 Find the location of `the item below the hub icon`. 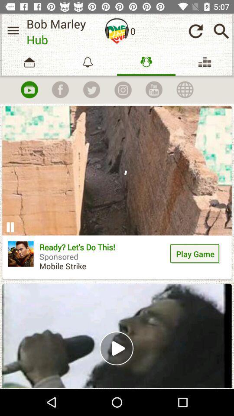

the item below the hub icon is located at coordinates (60, 90).